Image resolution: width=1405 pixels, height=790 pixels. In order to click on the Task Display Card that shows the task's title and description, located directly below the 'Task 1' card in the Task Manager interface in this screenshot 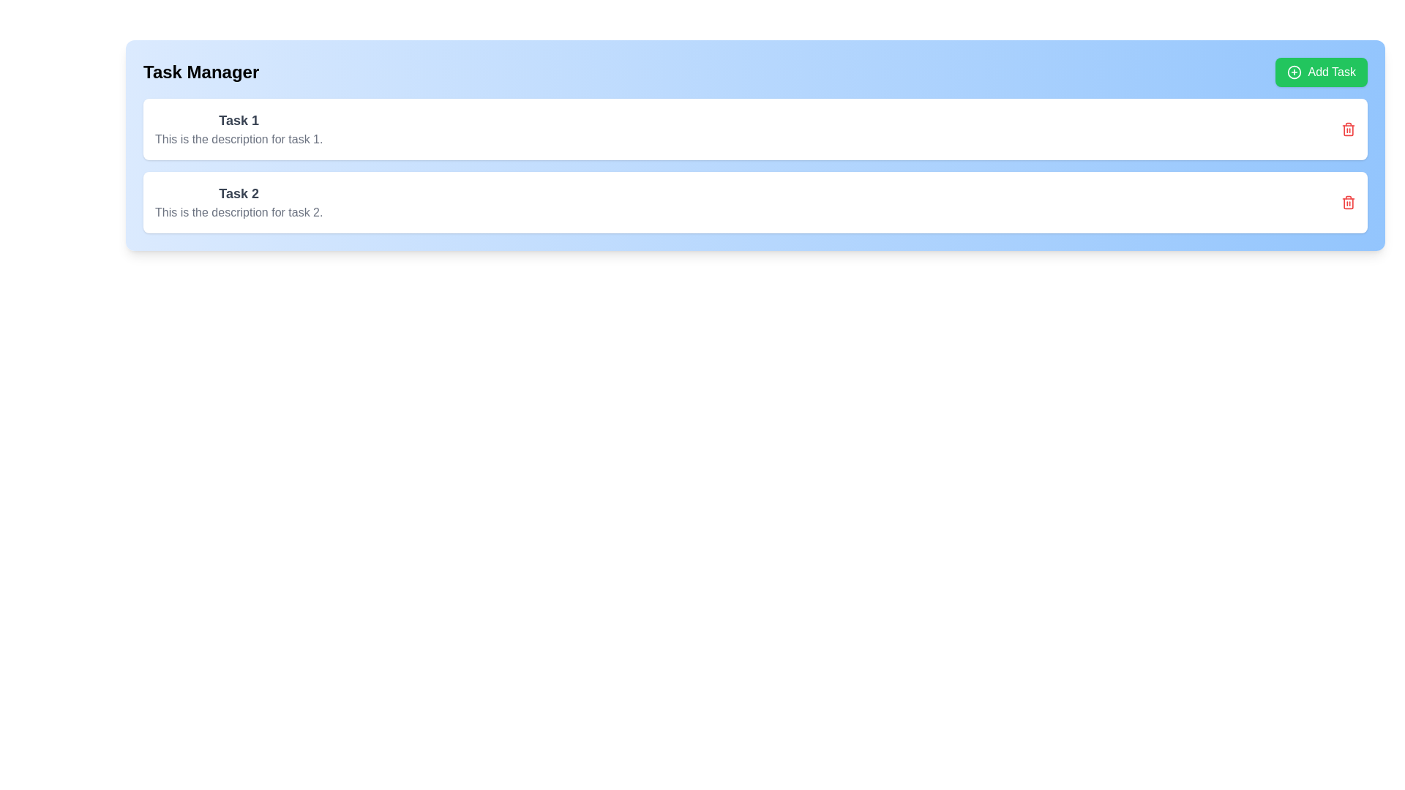, I will do `click(239, 203)`.